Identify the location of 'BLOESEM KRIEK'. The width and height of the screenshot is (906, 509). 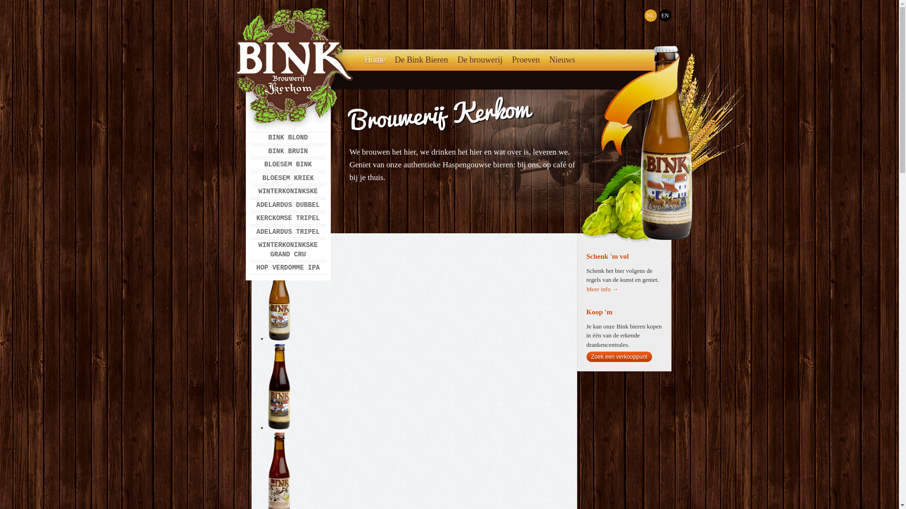
(287, 178).